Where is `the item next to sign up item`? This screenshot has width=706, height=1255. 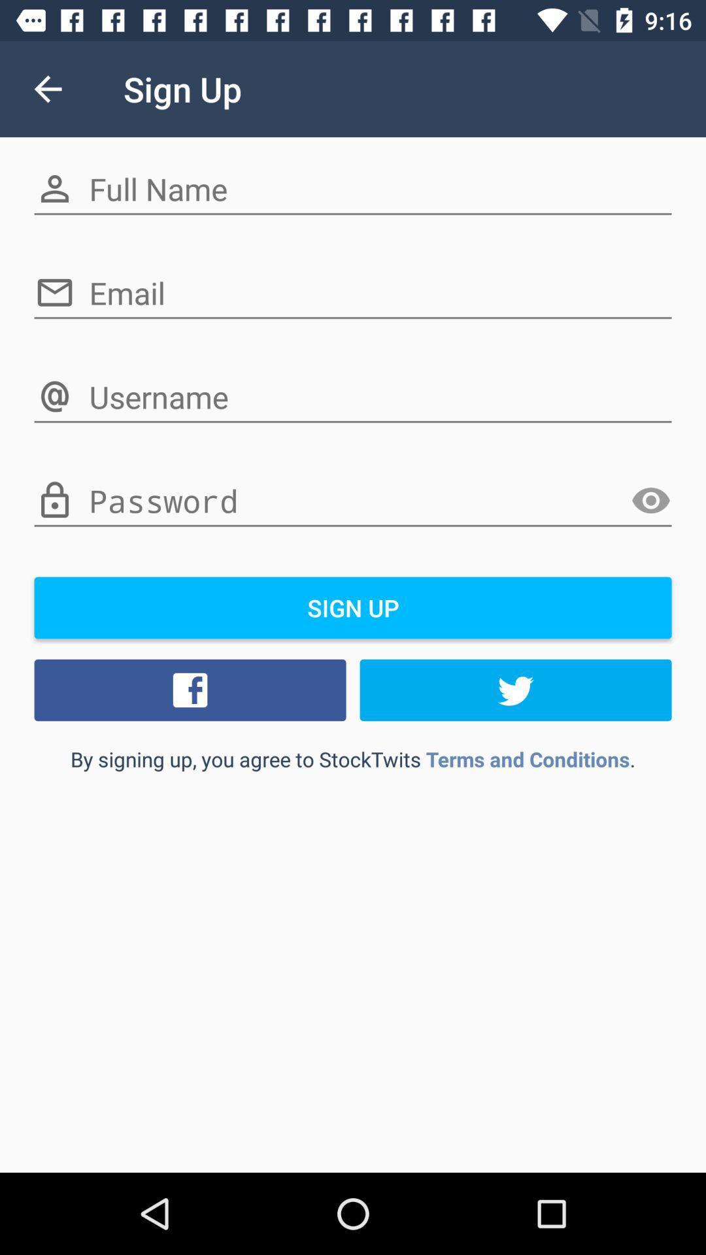 the item next to sign up item is located at coordinates (47, 88).